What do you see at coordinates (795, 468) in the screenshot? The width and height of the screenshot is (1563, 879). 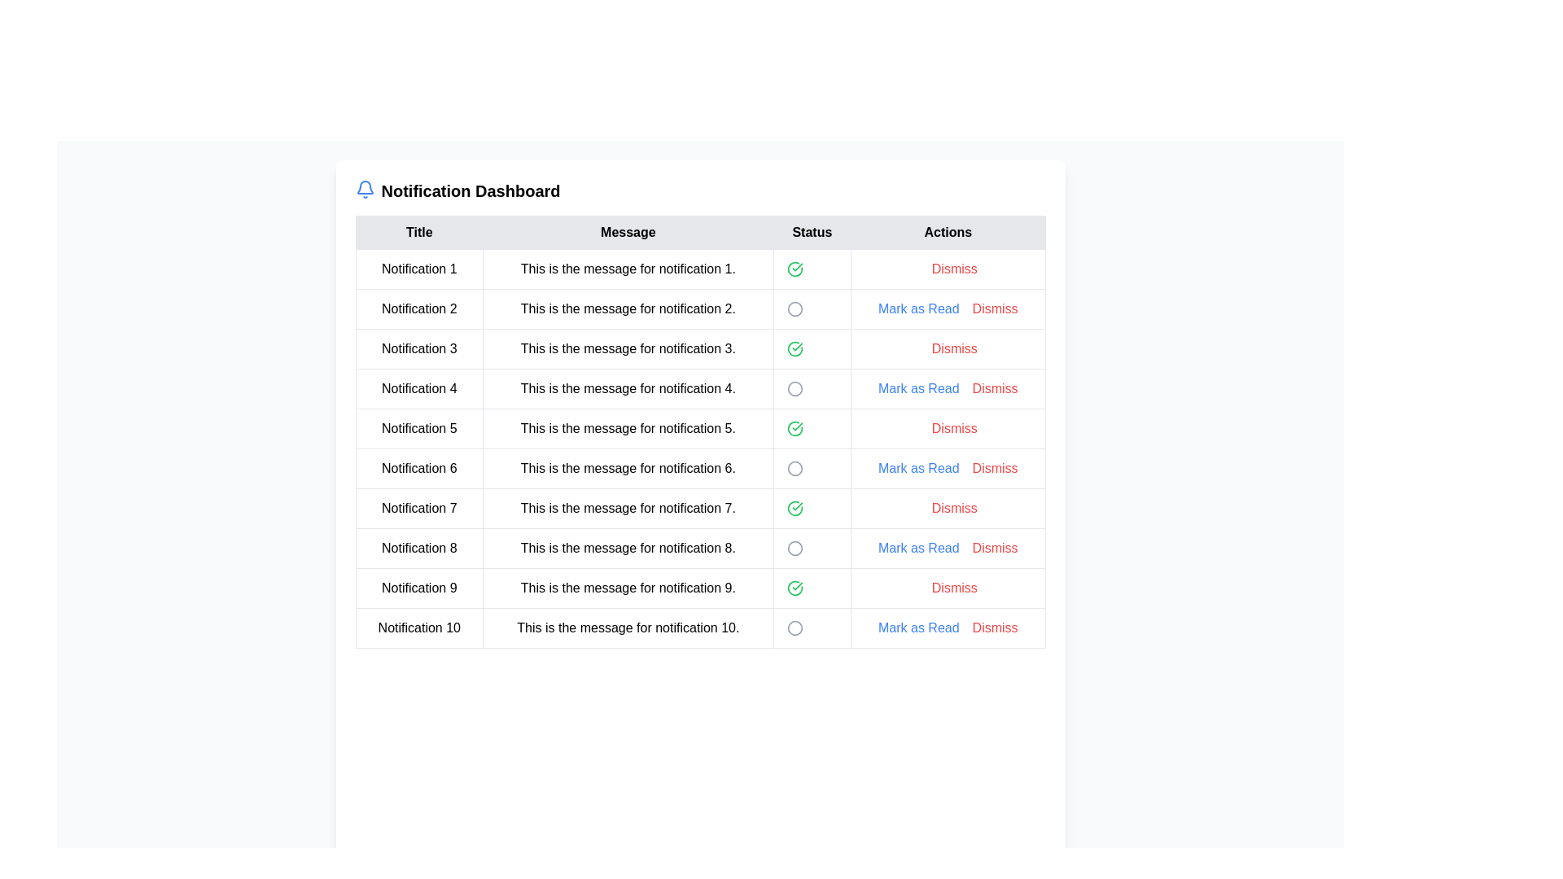 I see `the small, circular gray status indicator located in row 6 of the table under the 'Status' column, aligned with 'Notification 6'` at bounding box center [795, 468].